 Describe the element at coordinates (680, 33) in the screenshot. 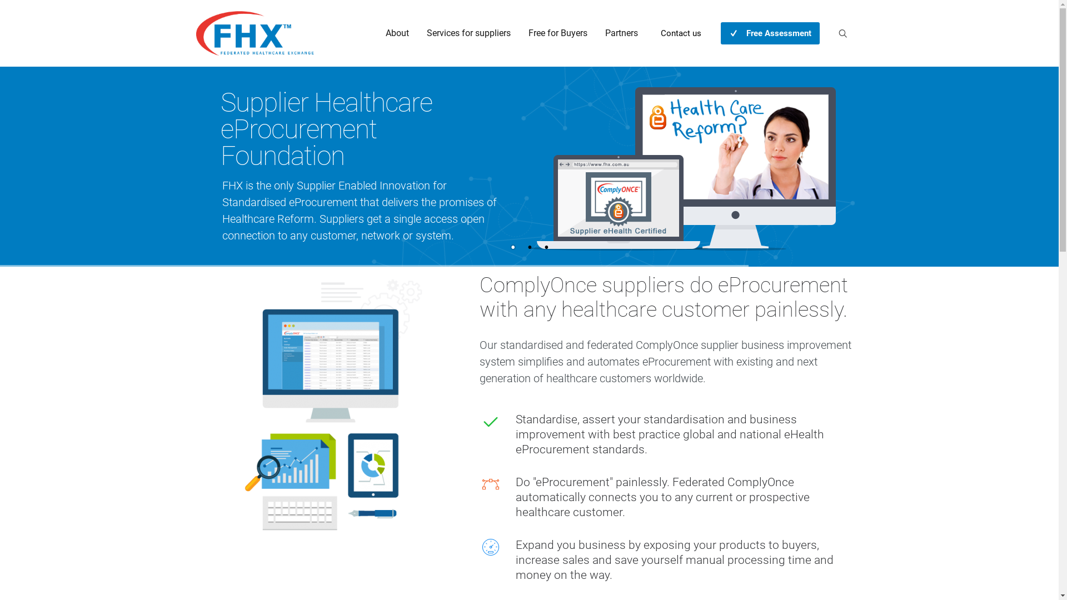

I see `'Contact us'` at that location.